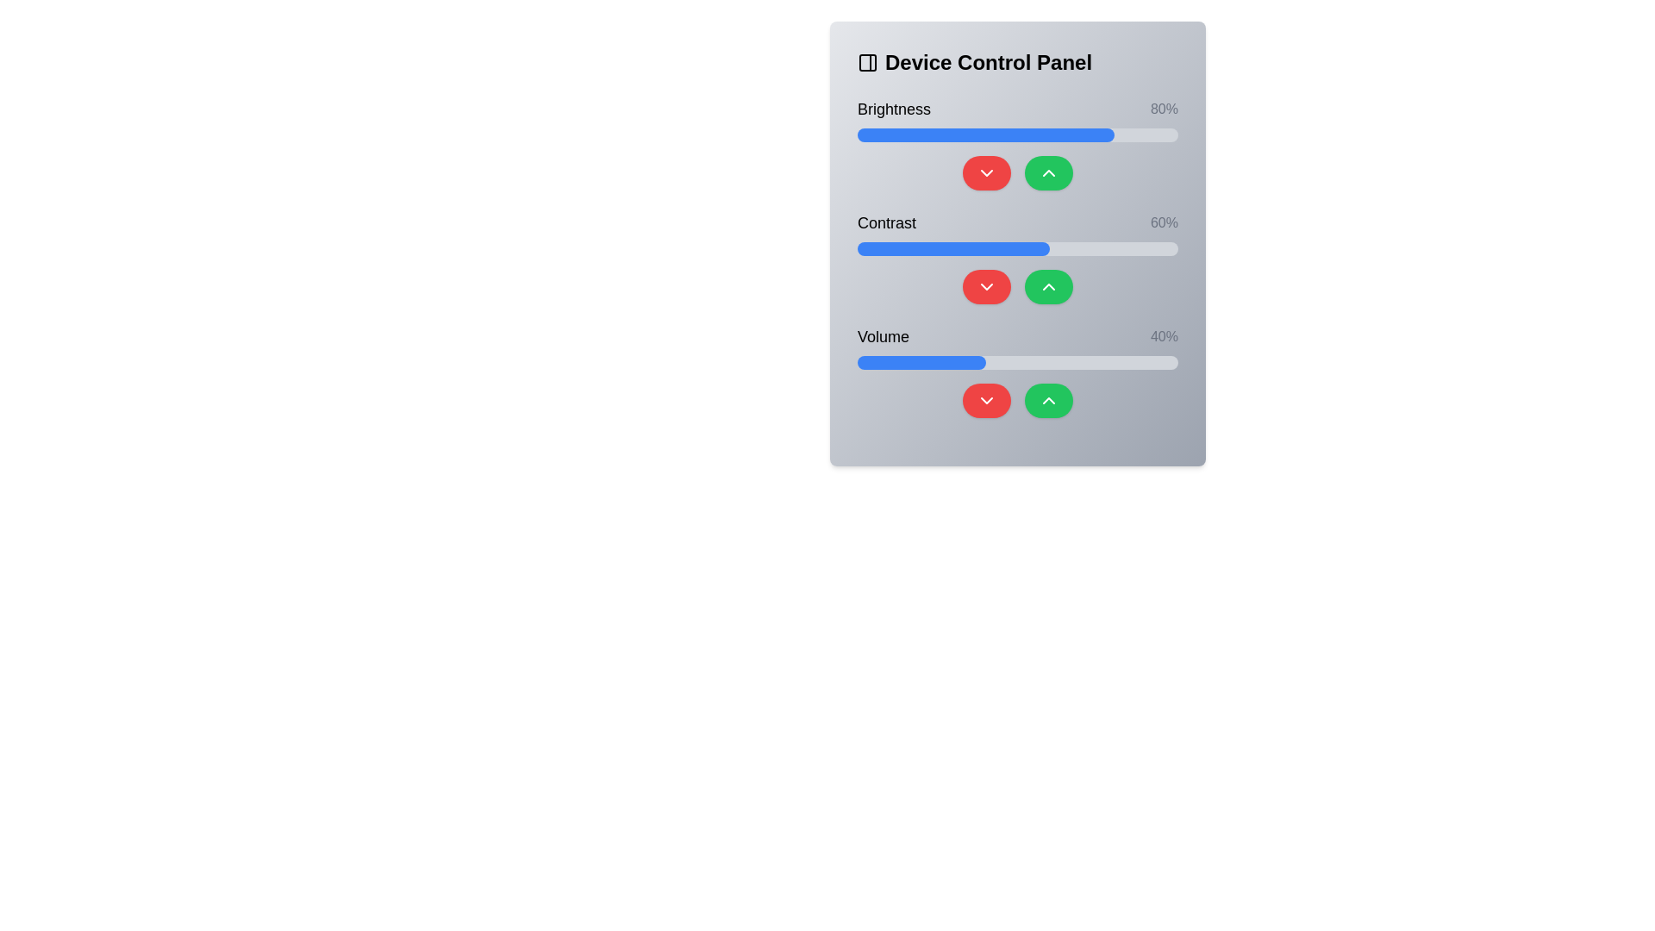  Describe the element at coordinates (987, 401) in the screenshot. I see `the red downward-pointing chevron button in the Volume section of the Device Control Panel to trigger the tooltip or styling effect` at that location.